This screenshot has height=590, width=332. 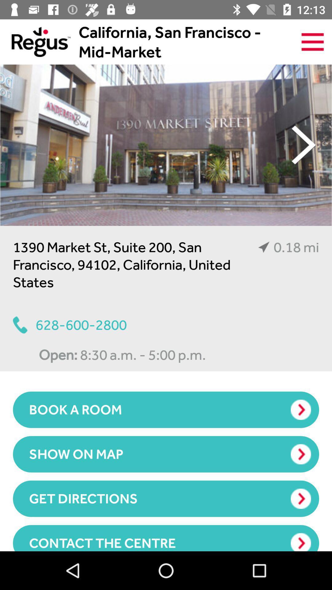 I want to click on go next, so click(x=166, y=145).